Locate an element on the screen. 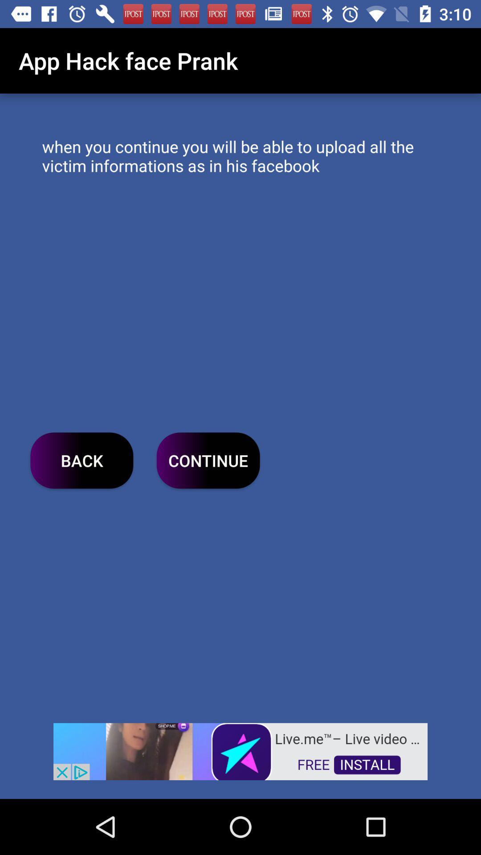  advertisement is located at coordinates (240, 750).